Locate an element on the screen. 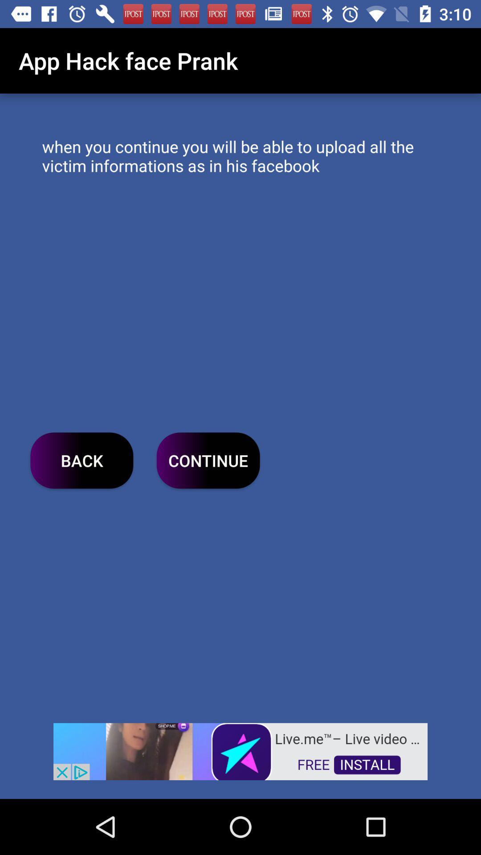  advertisement is located at coordinates (240, 750).